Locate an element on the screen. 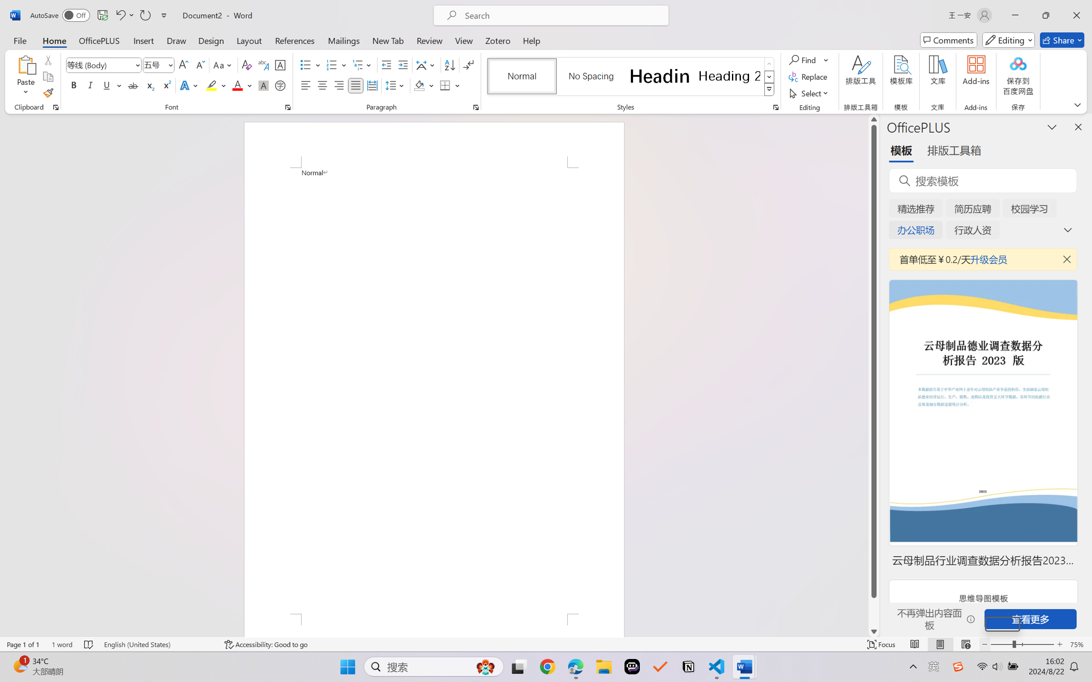  'Restore Down' is located at coordinates (1046, 15).